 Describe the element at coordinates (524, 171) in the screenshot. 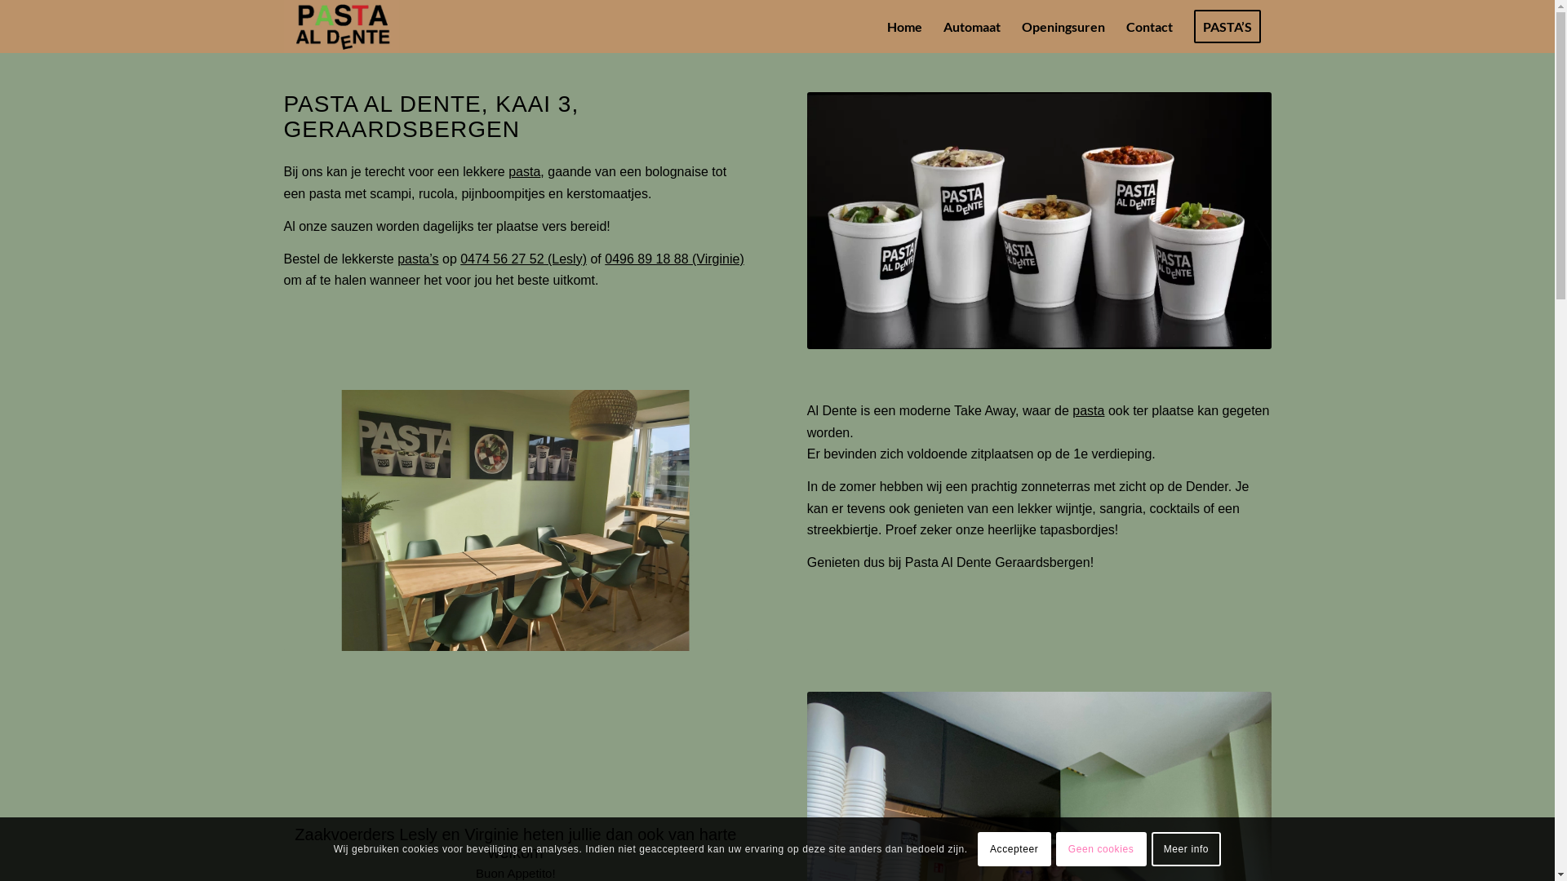

I see `'pasta'` at that location.